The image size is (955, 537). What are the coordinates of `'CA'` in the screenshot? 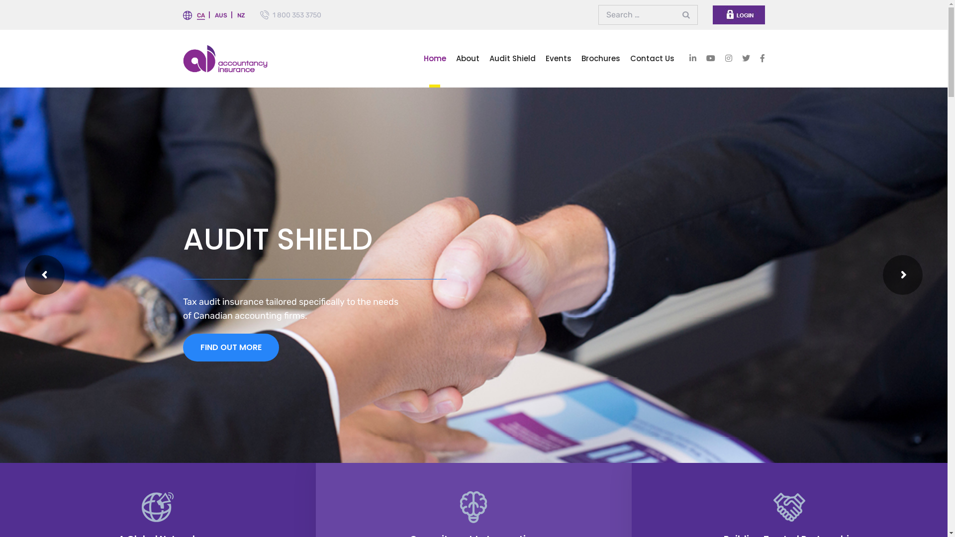 It's located at (200, 15).